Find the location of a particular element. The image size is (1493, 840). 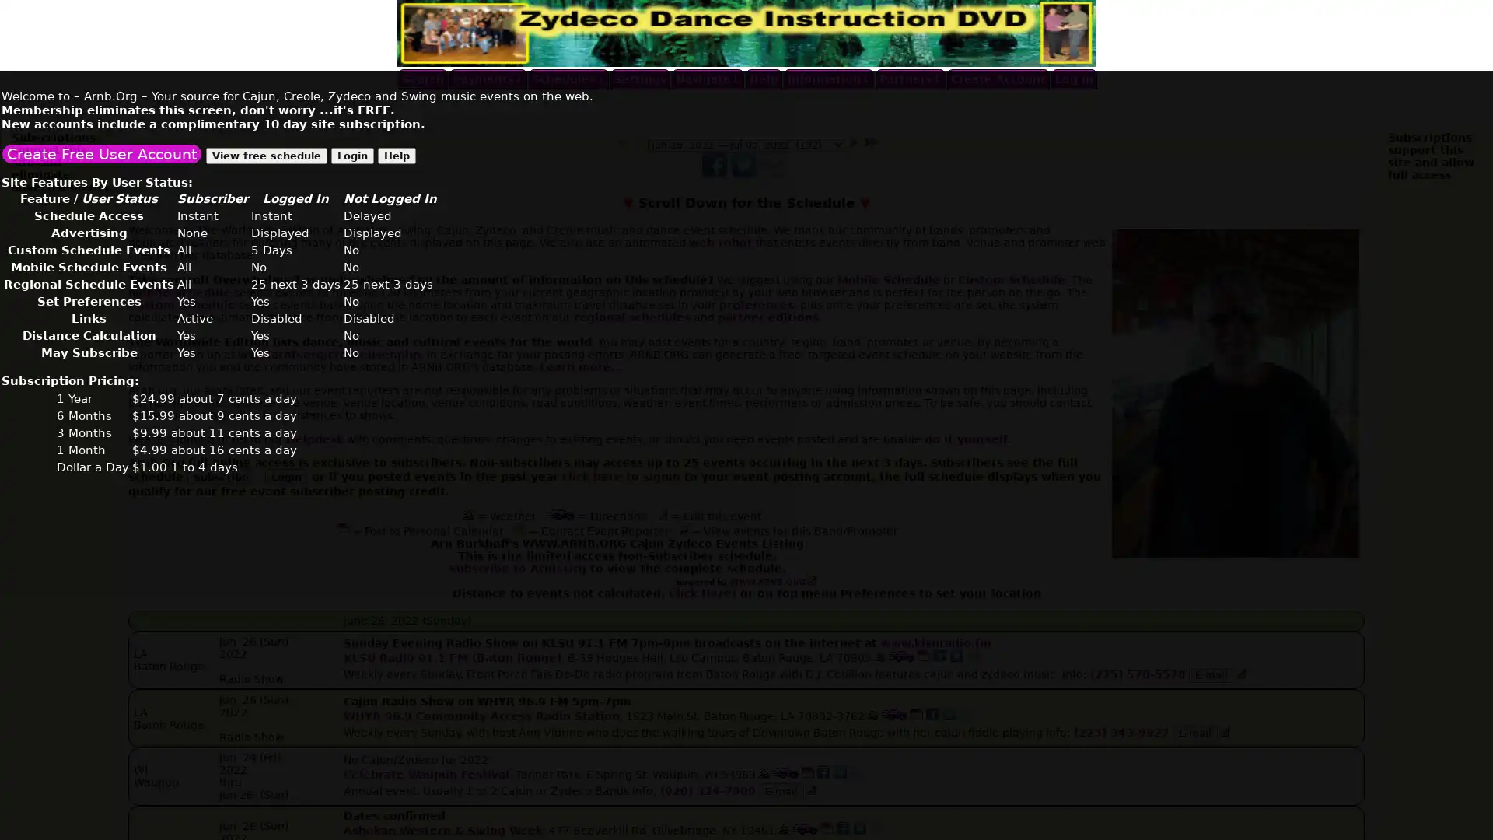

Login is located at coordinates (351, 155).